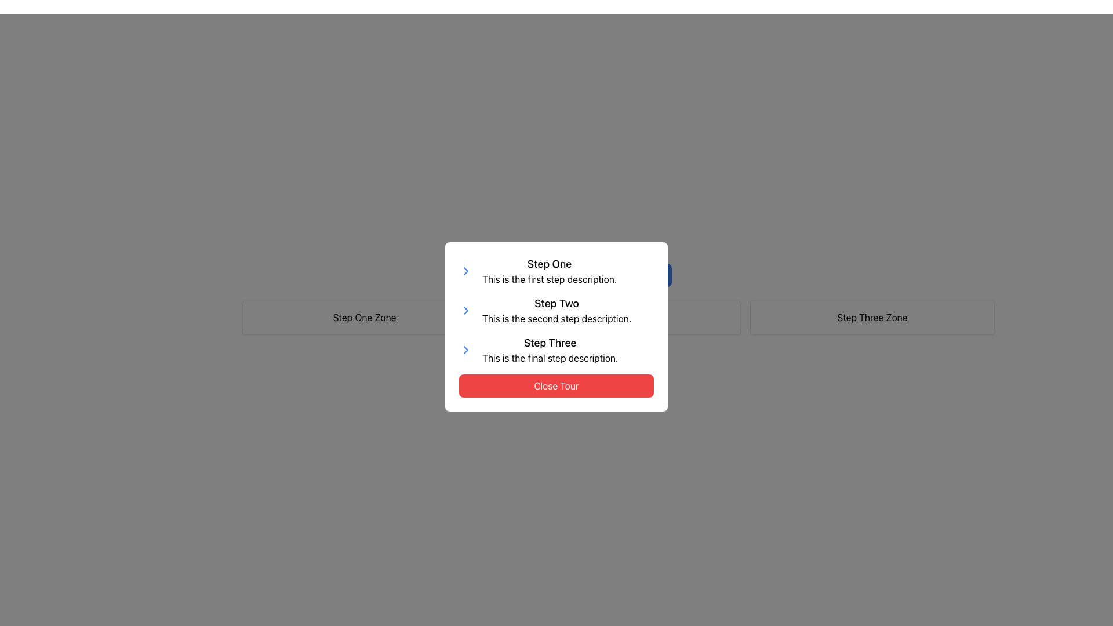 The height and width of the screenshot is (626, 1113). I want to click on the 'Step Two' text label, which is the second of three step descriptions in a column layout inside a centered modal, so click(556, 310).